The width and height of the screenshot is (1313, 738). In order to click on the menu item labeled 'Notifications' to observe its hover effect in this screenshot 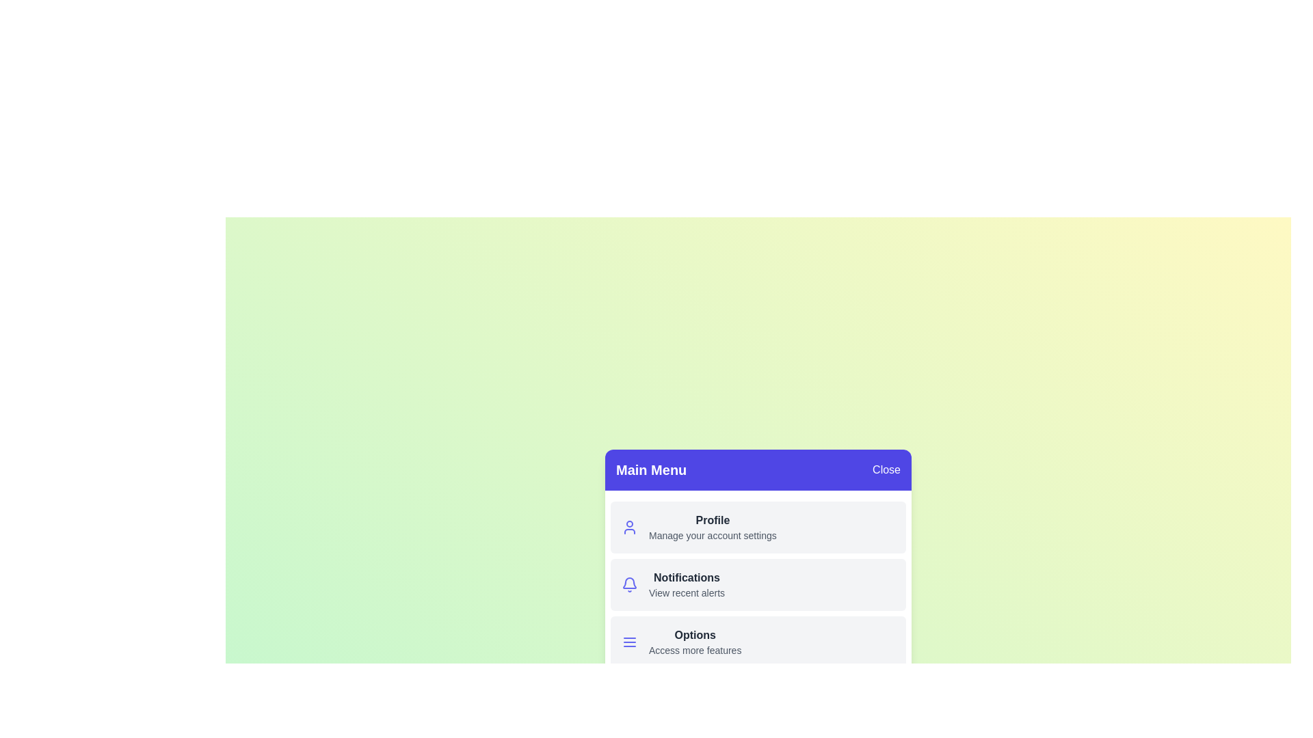, I will do `click(757, 584)`.